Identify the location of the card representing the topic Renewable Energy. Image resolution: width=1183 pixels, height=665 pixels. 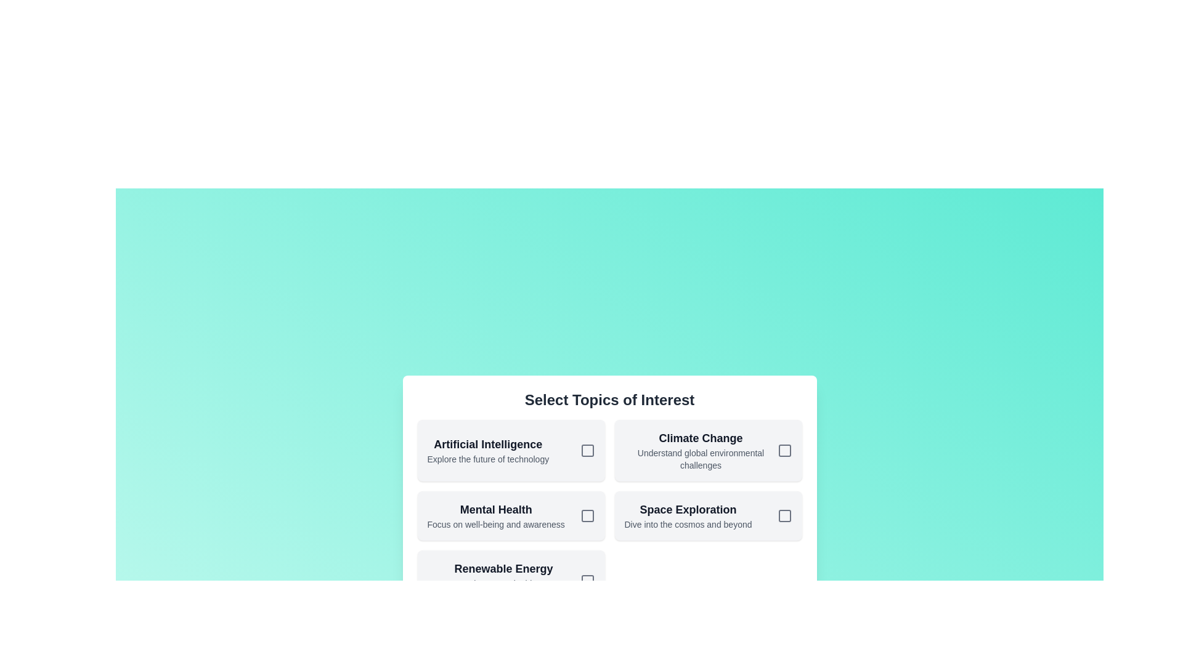
(511, 581).